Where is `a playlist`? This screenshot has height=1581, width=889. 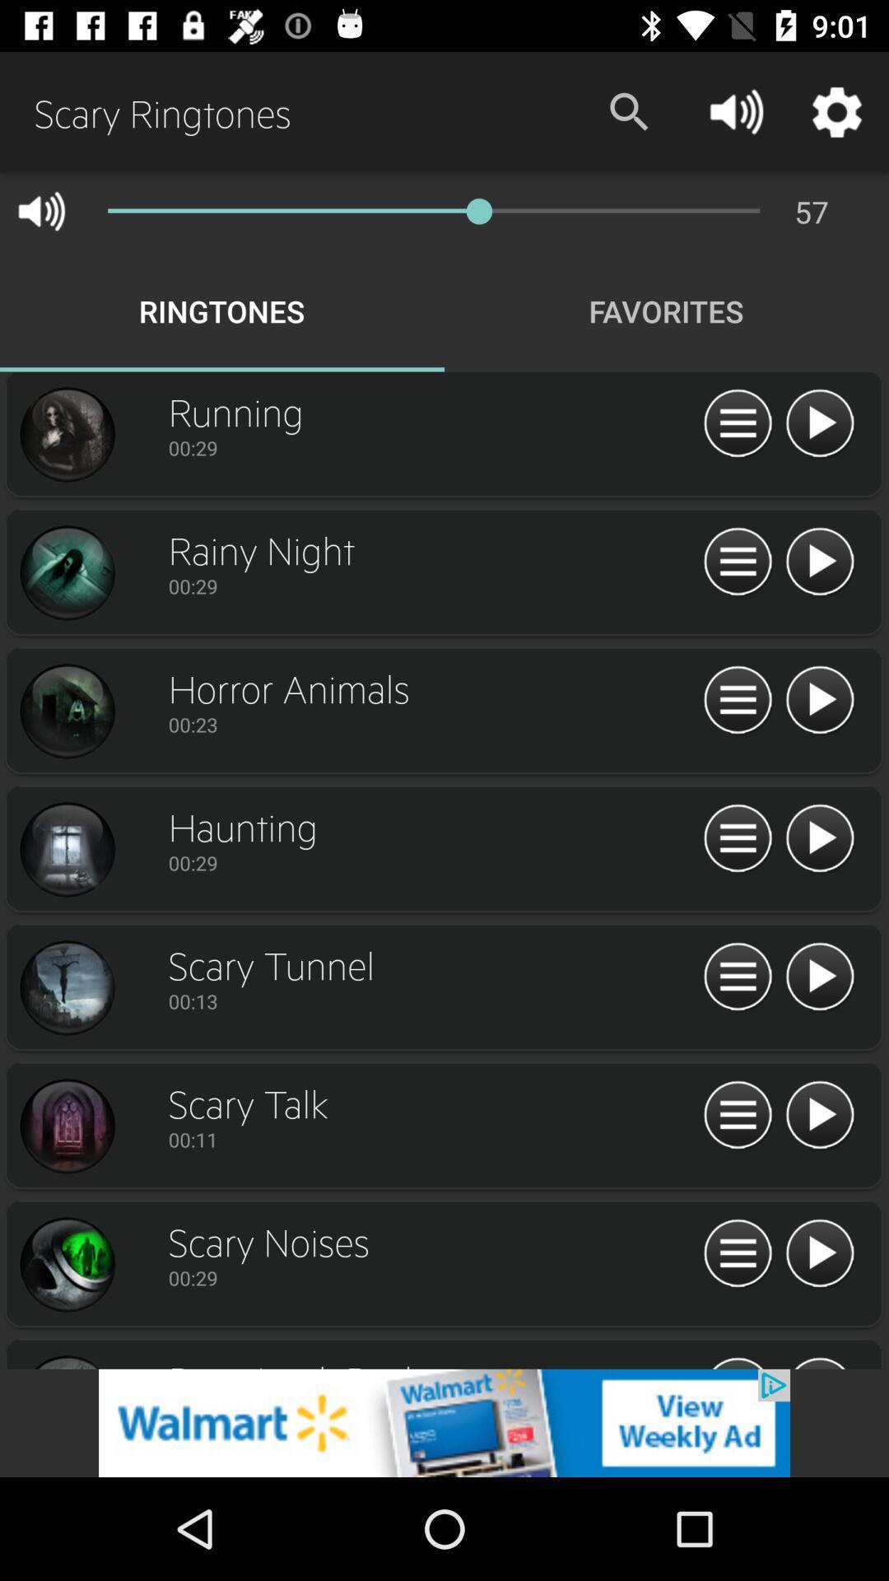 a playlist is located at coordinates (819, 1253).